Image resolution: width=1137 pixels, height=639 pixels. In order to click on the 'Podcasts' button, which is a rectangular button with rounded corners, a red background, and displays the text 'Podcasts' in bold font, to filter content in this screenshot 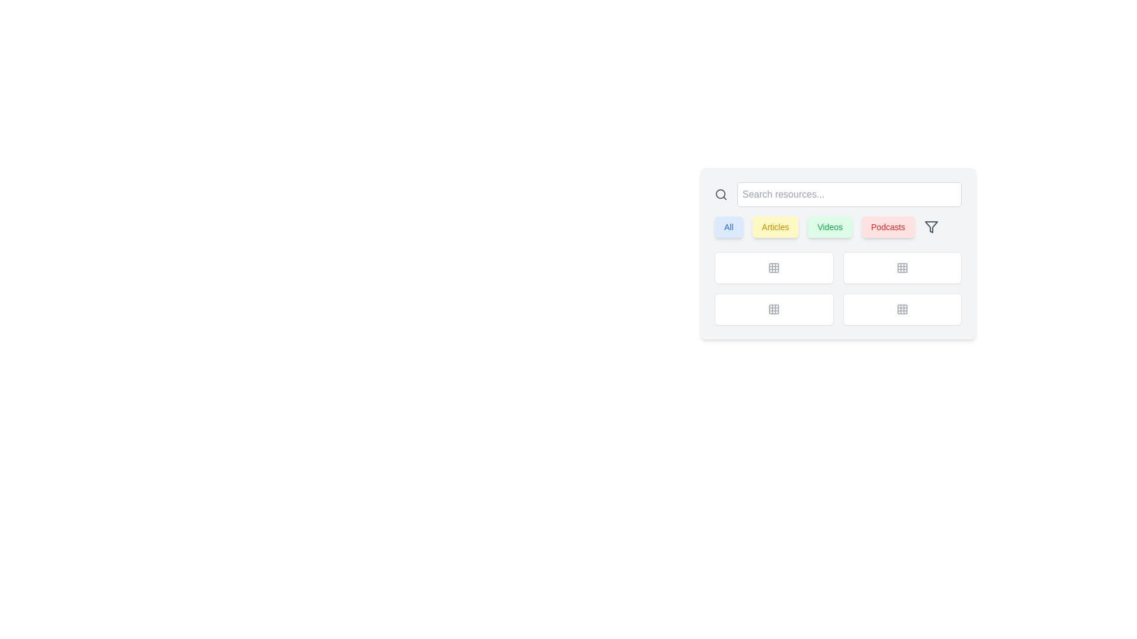, I will do `click(888, 227)`.